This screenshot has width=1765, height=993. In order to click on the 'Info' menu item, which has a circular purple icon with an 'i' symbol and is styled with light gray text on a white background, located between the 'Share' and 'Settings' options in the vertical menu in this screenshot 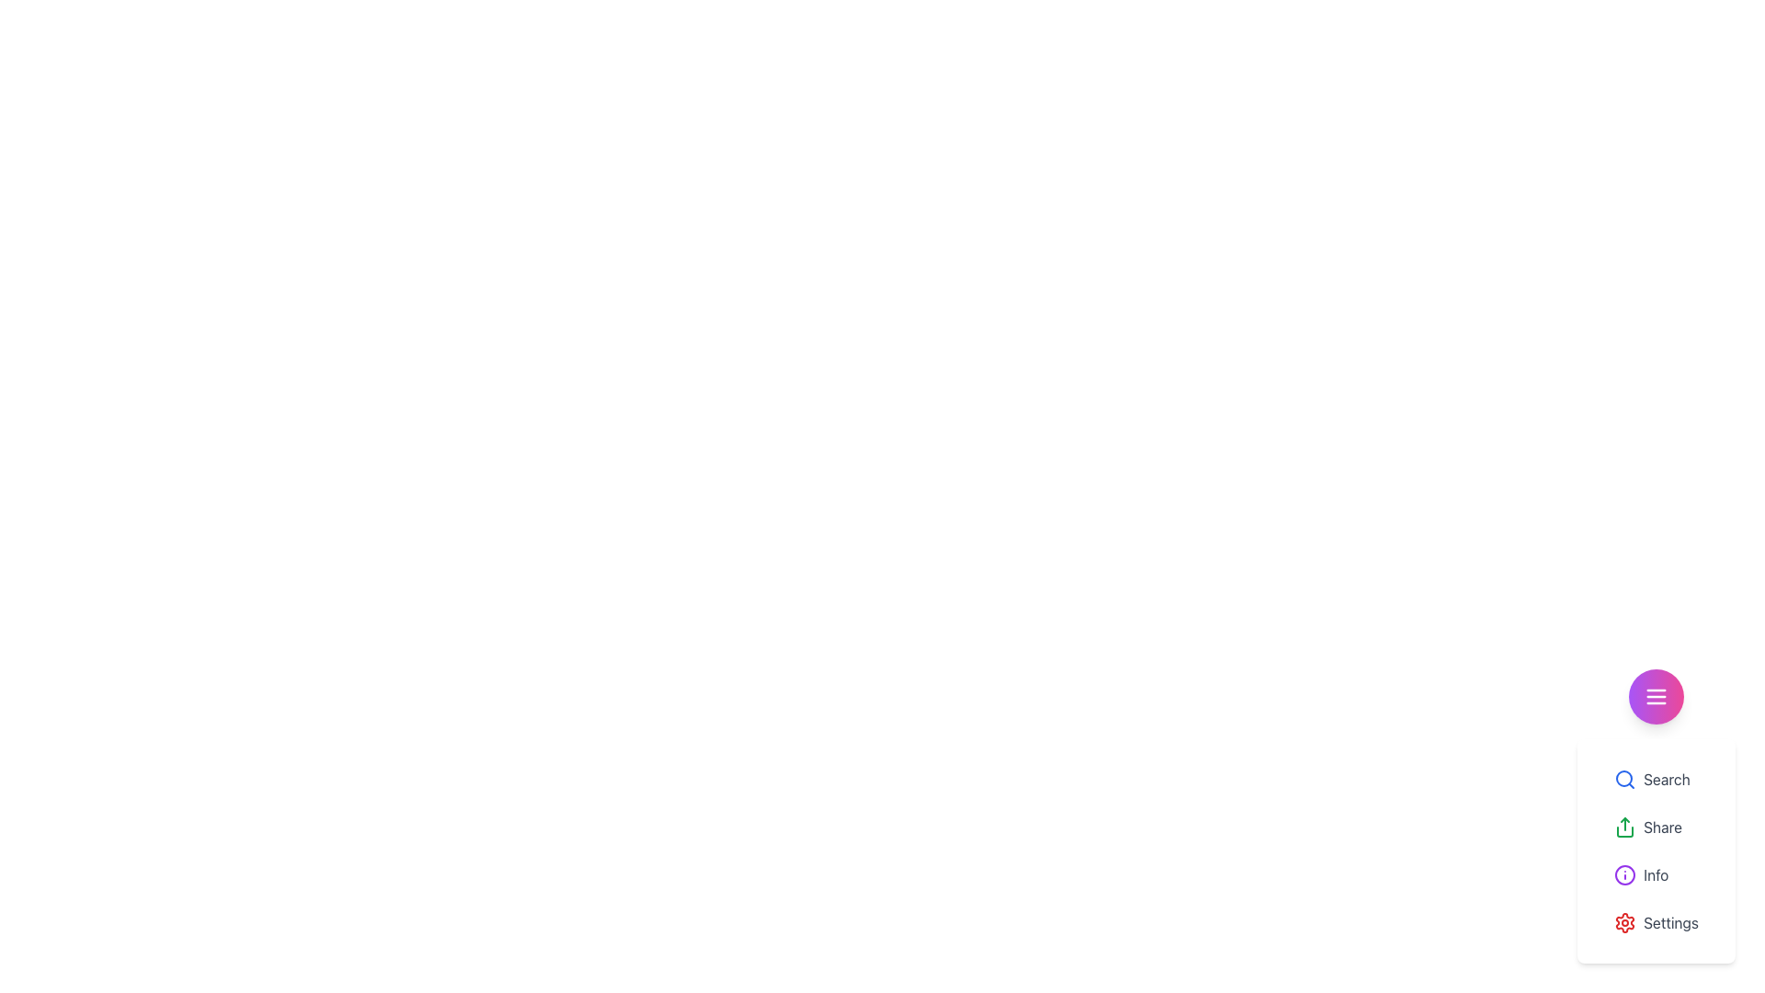, I will do `click(1657, 874)`.